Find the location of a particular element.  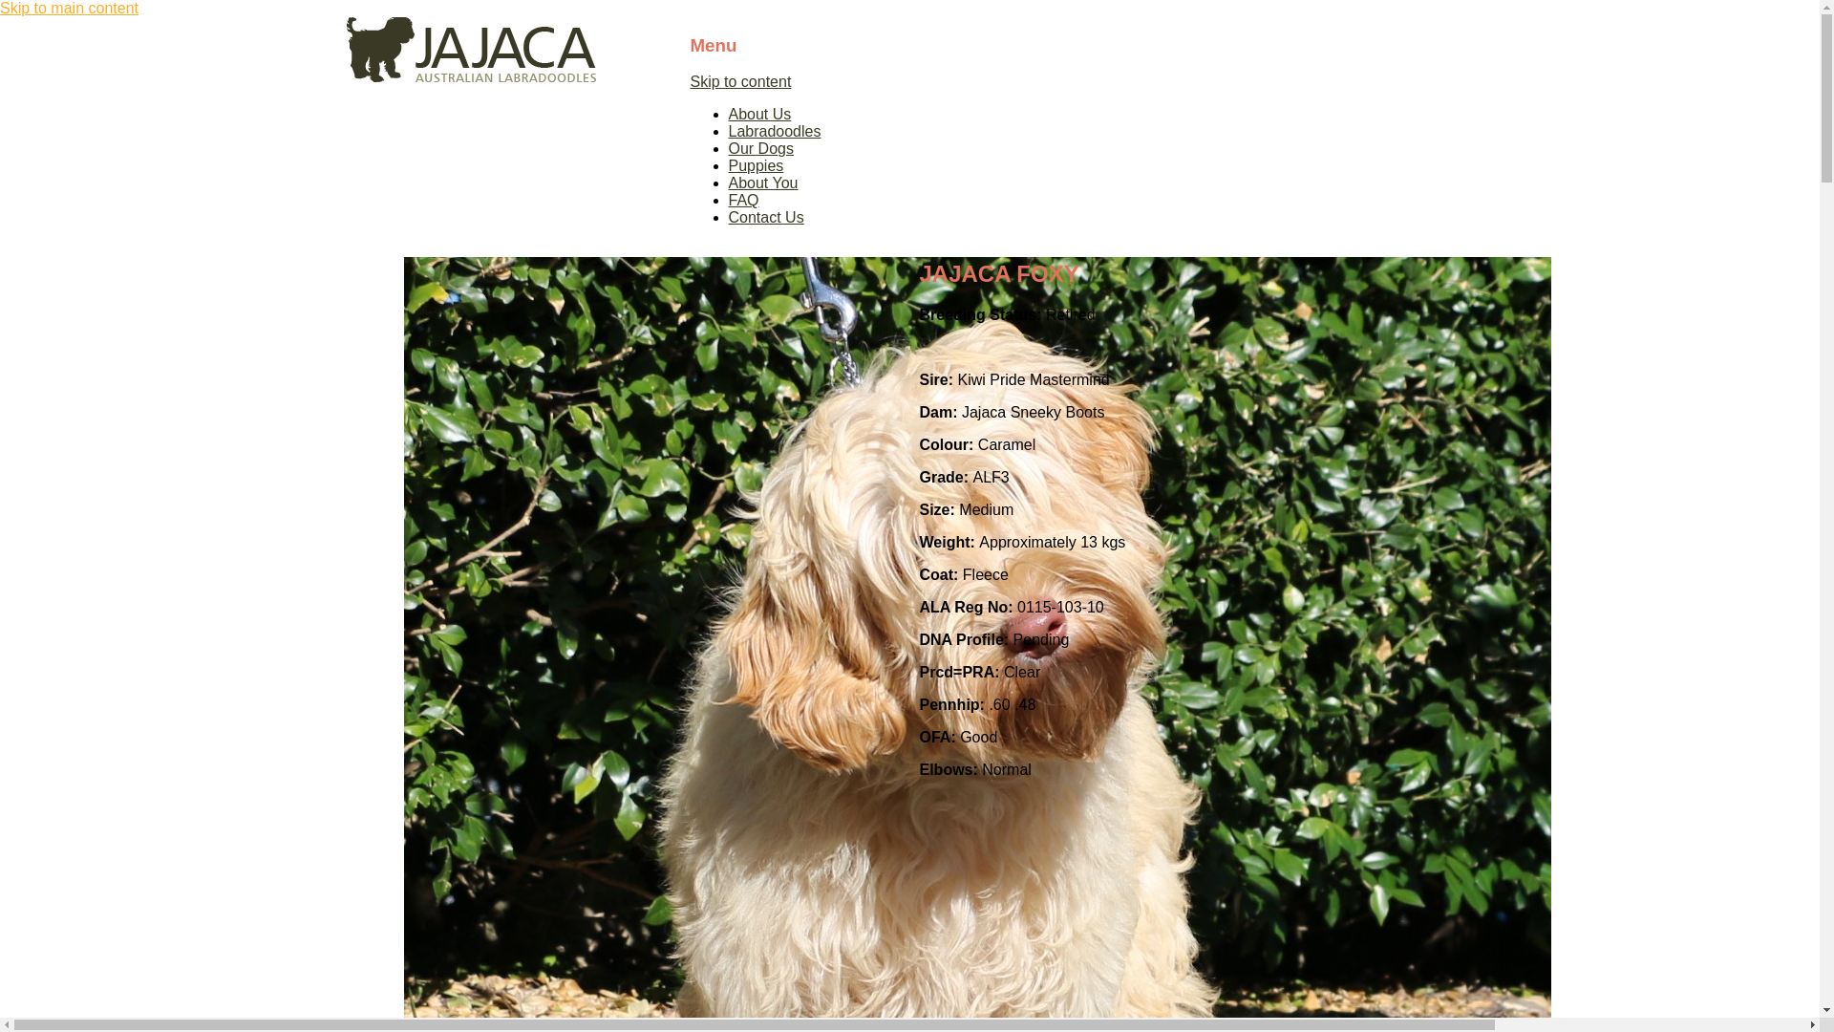

'Puppies' is located at coordinates (755, 164).